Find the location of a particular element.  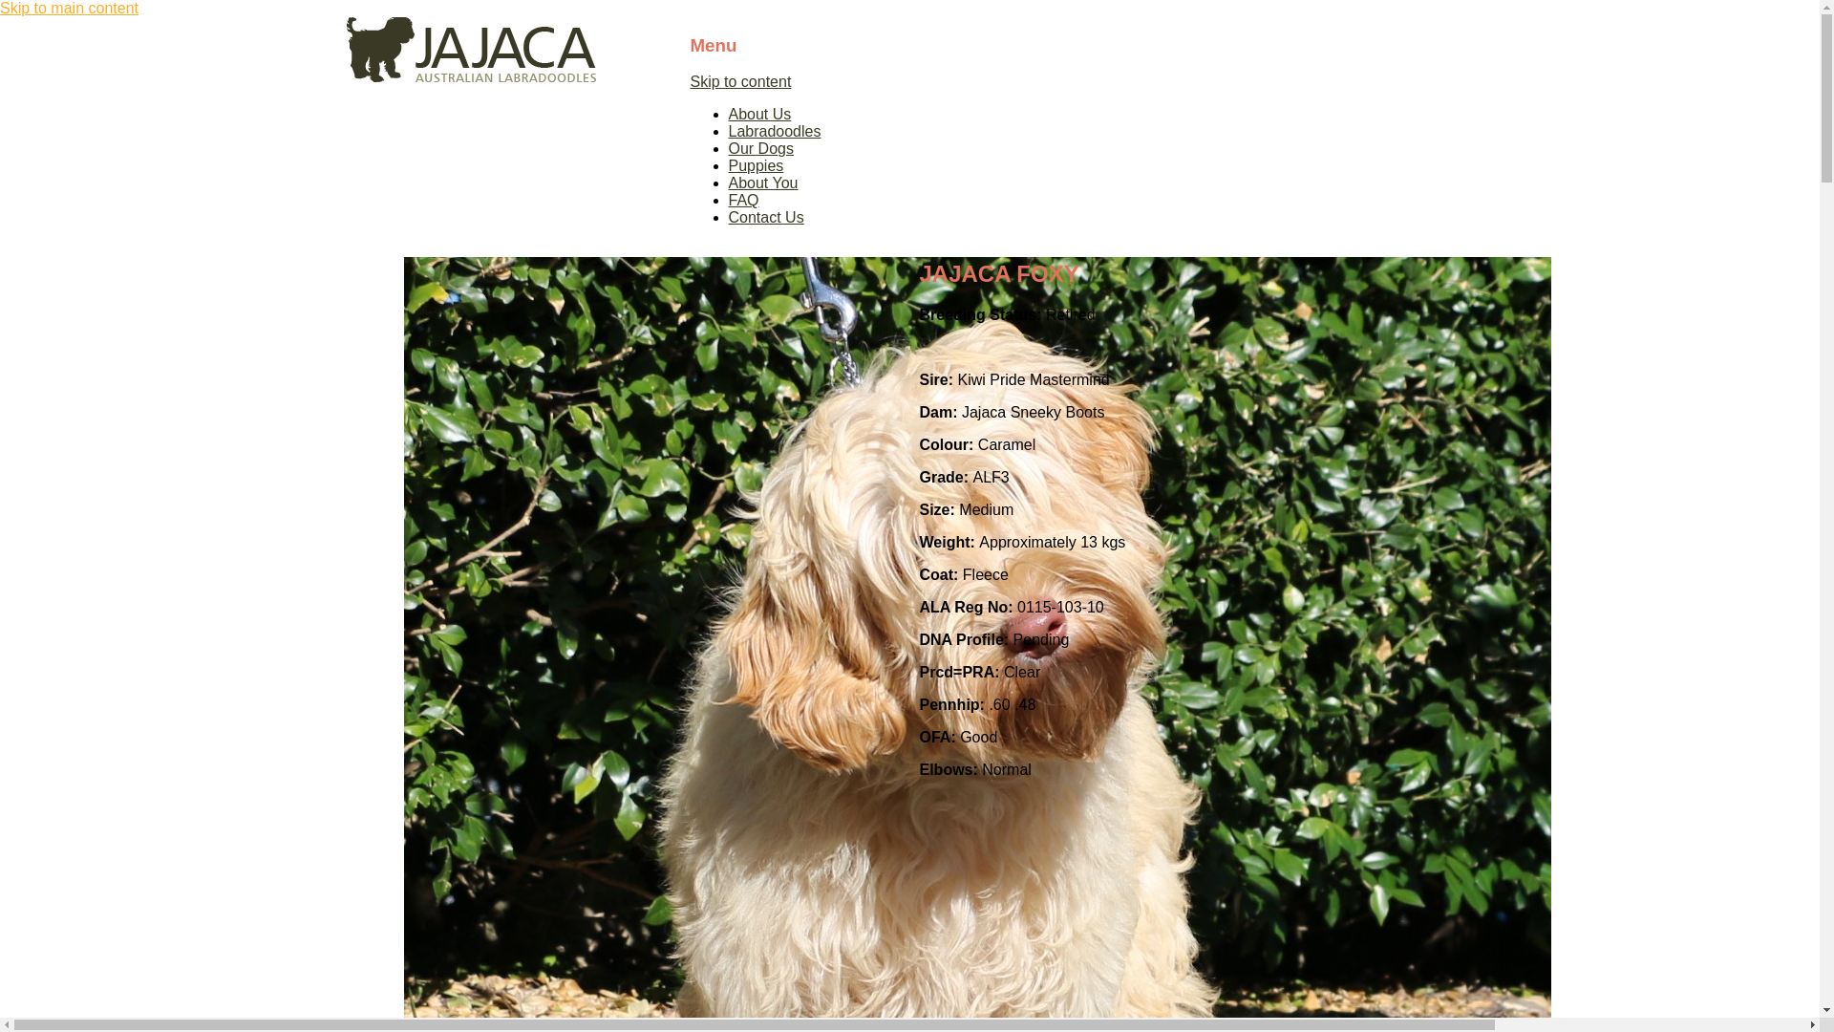

'Puppies' is located at coordinates (755, 164).